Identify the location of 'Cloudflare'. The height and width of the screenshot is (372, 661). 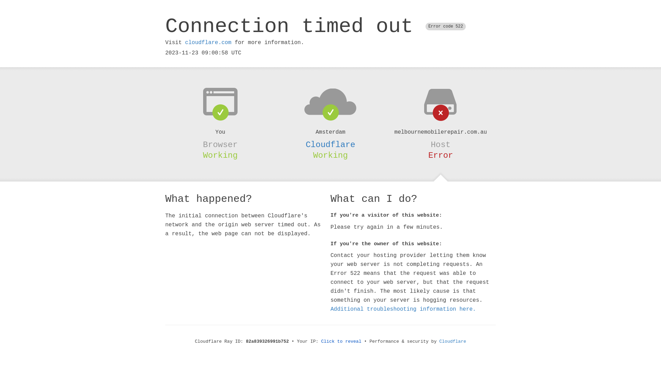
(453, 341).